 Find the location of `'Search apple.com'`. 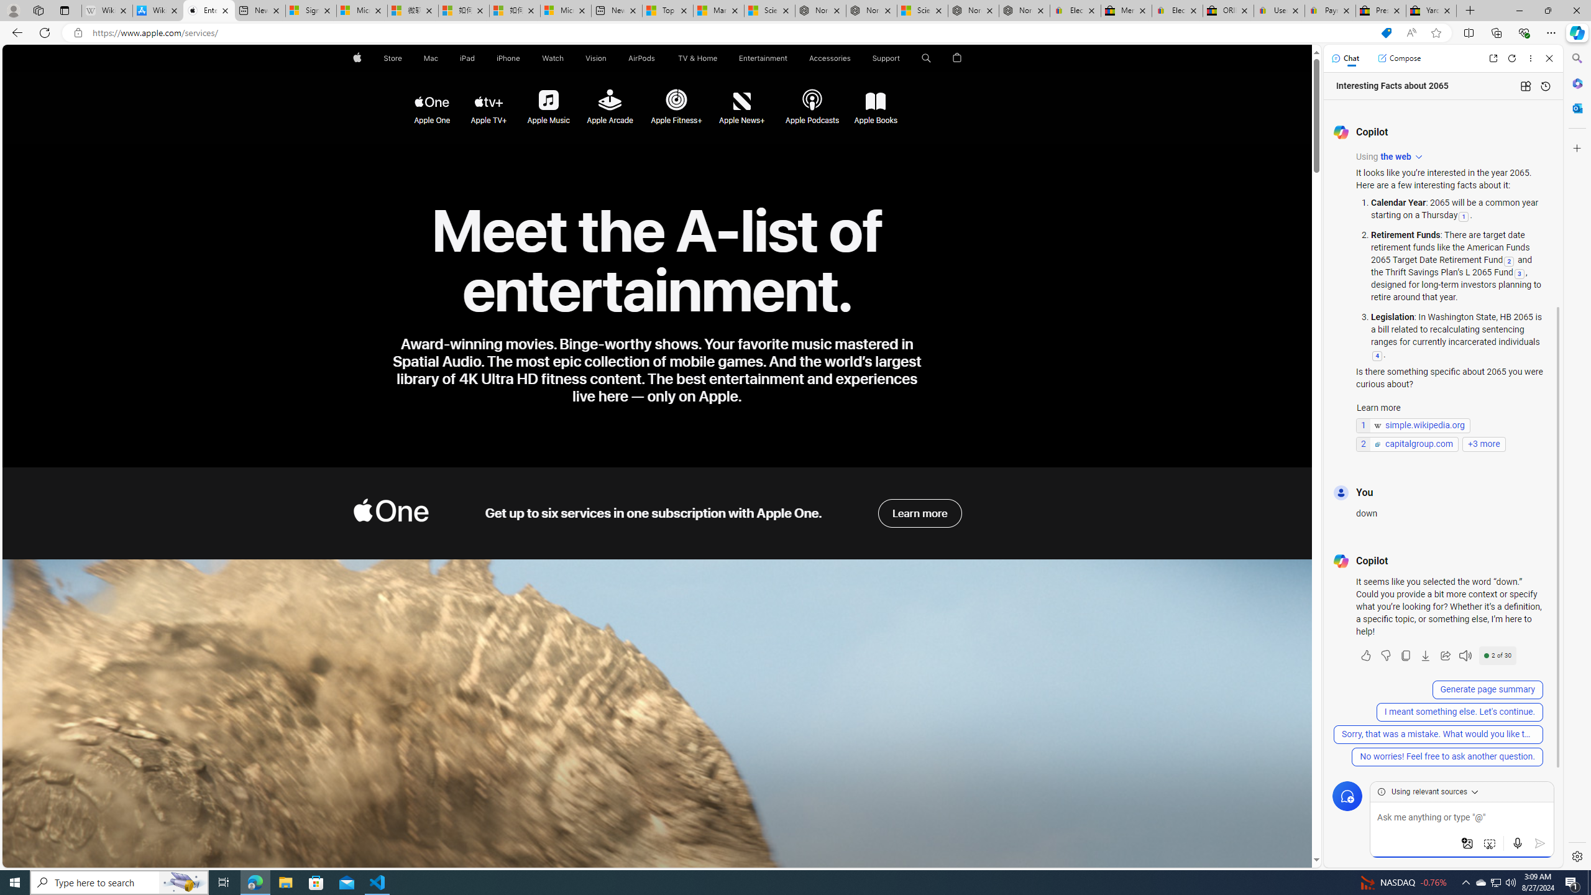

'Search apple.com' is located at coordinates (927, 58).